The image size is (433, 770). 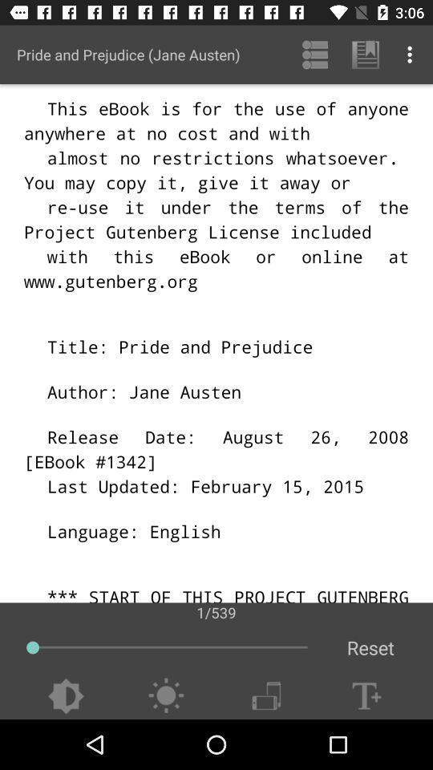 I want to click on increase brightness, so click(x=165, y=695).